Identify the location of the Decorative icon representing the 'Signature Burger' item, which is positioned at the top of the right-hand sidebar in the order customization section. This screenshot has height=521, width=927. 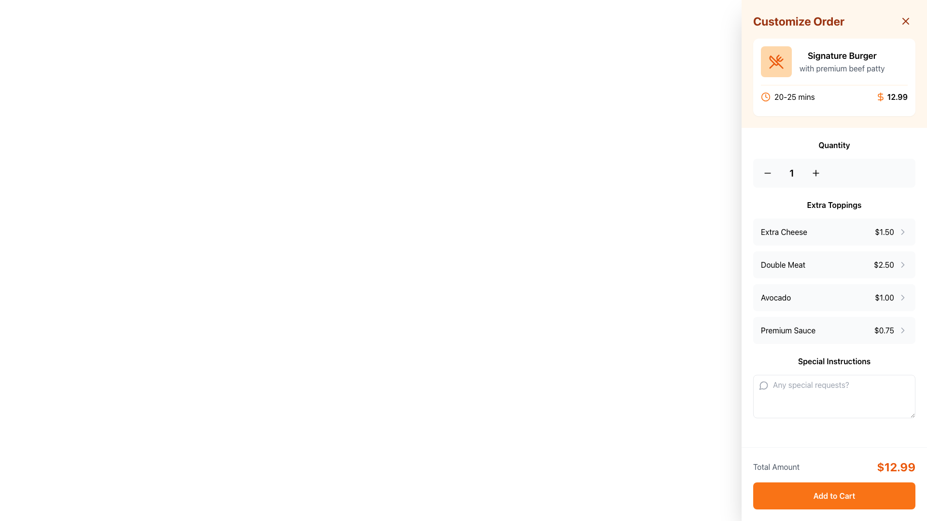
(776, 61).